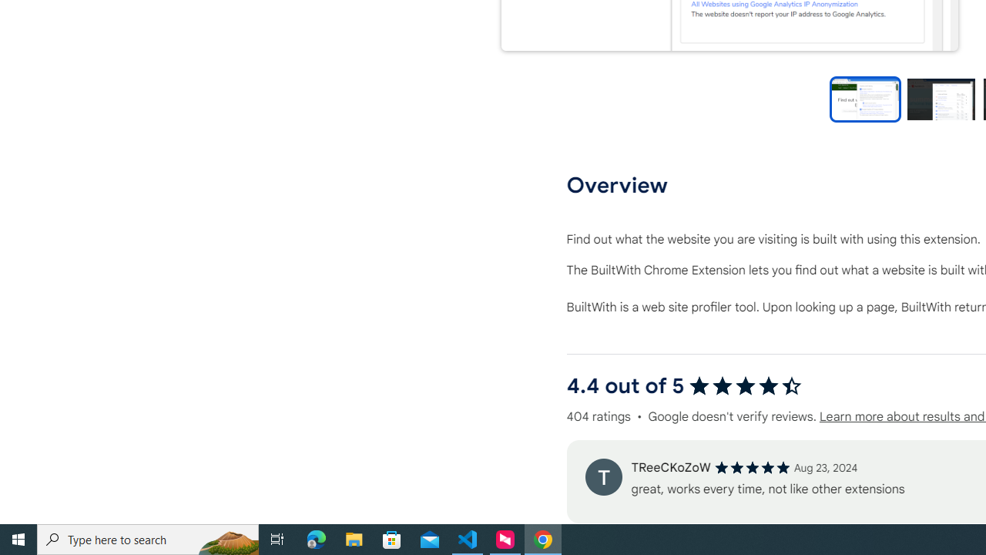 Image resolution: width=986 pixels, height=555 pixels. Describe the element at coordinates (602, 476) in the screenshot. I see `'Review'` at that location.